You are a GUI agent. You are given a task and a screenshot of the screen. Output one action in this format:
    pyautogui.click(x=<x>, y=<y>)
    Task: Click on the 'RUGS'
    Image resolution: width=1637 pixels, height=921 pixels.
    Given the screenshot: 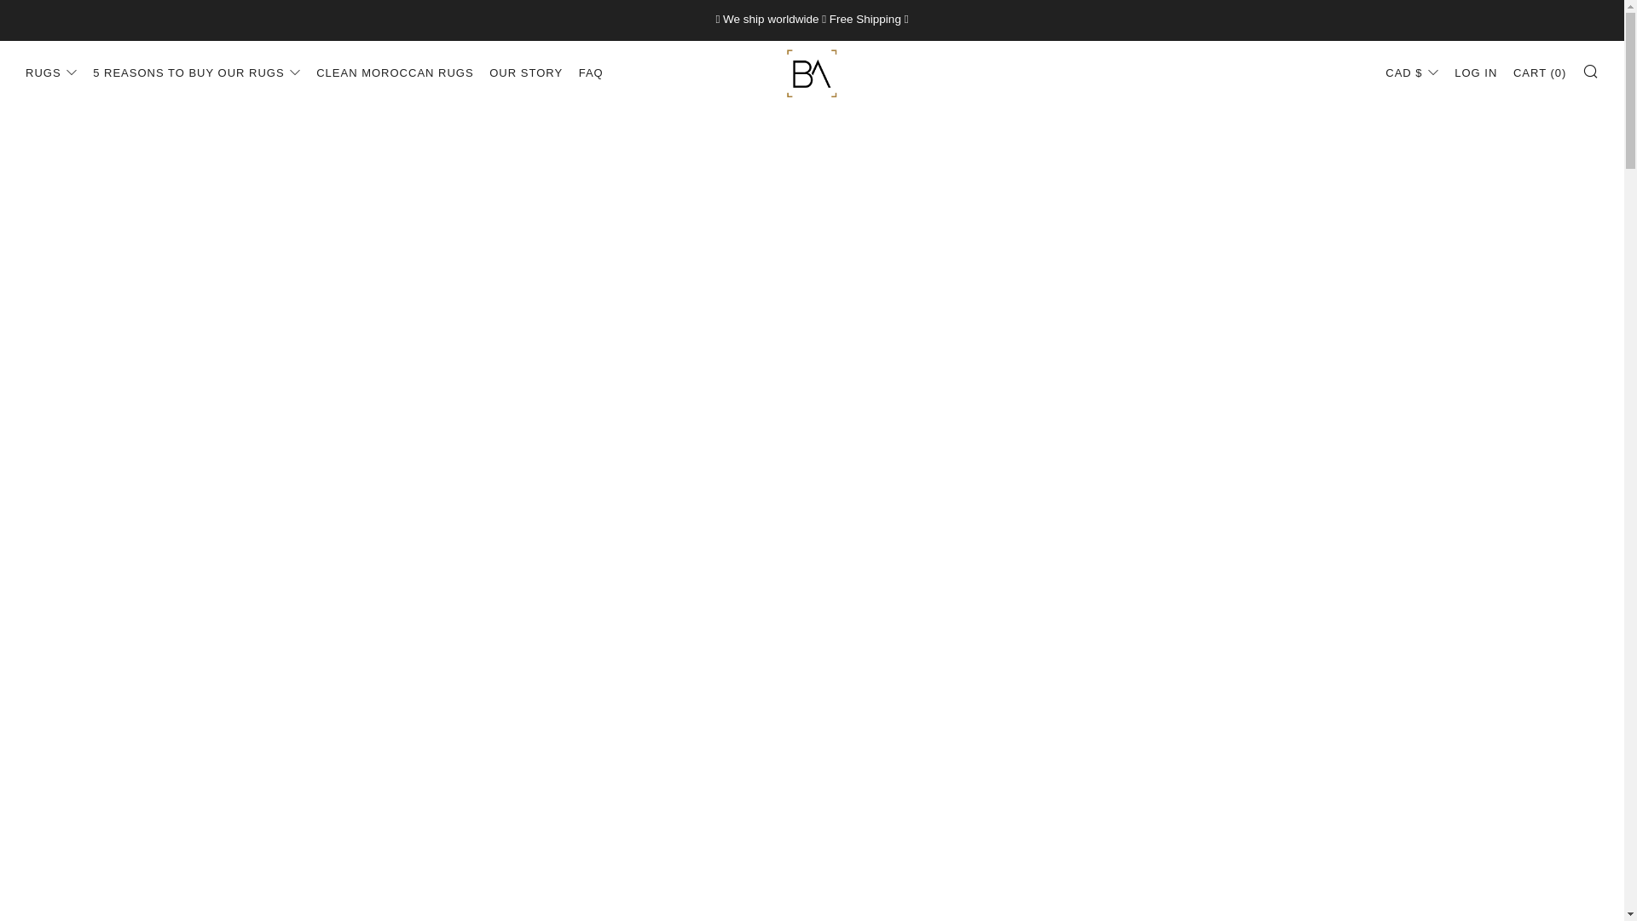 What is the action you would take?
    pyautogui.click(x=25, y=72)
    